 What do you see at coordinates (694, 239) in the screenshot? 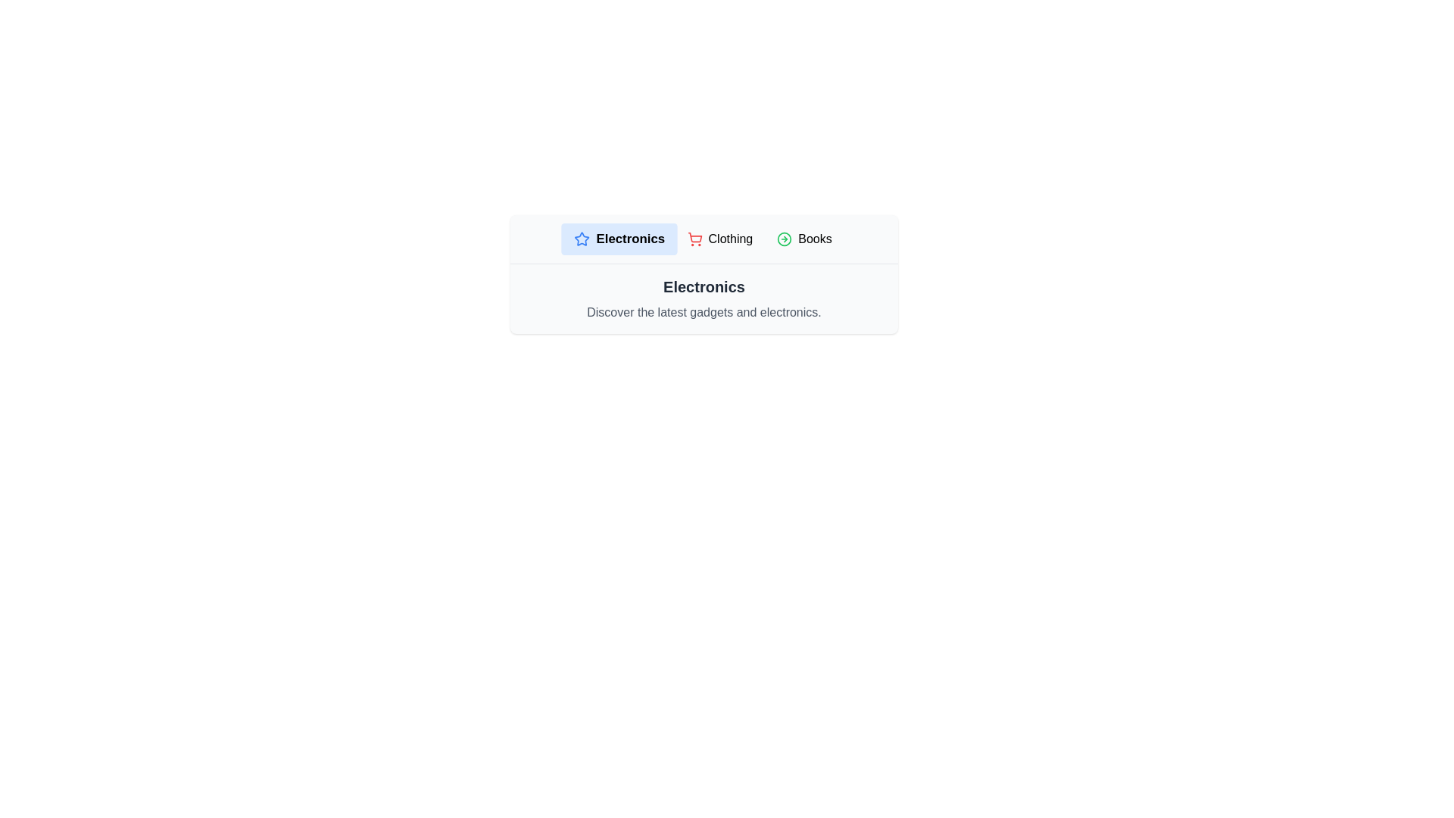
I see `the icon for the Clothing category to observe its visual representation` at bounding box center [694, 239].